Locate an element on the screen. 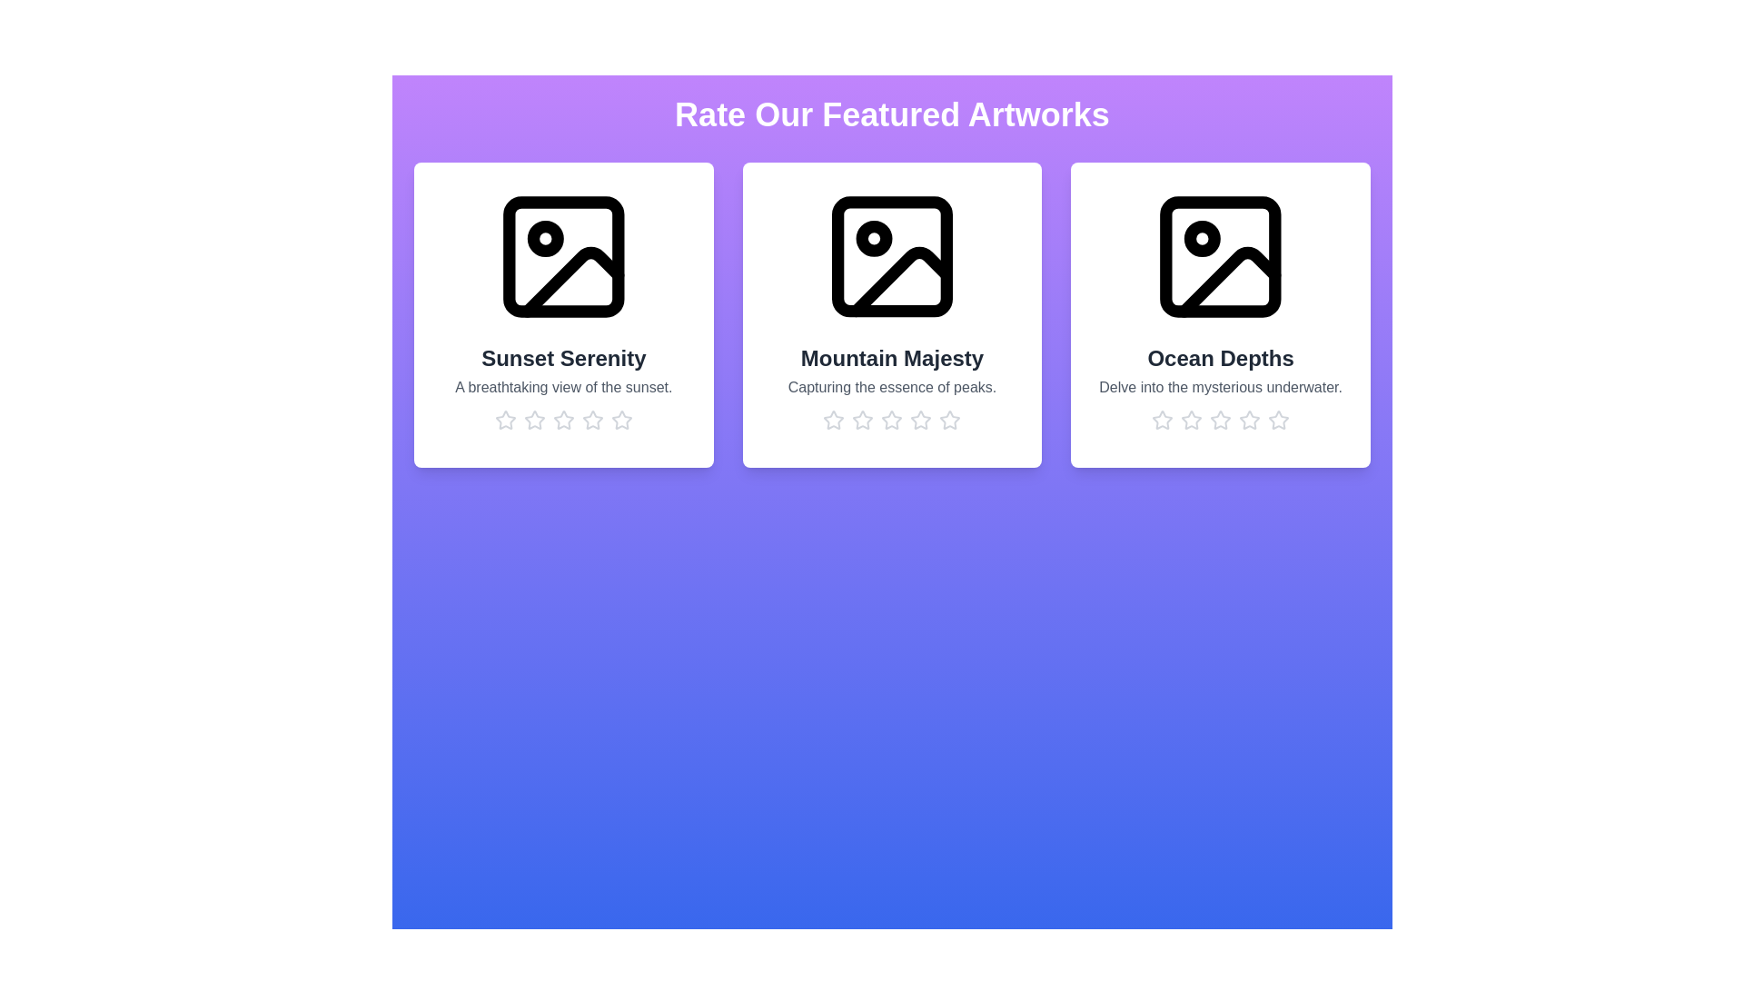 The height and width of the screenshot is (981, 1744). the artwork to view its title and description is located at coordinates (561, 314).